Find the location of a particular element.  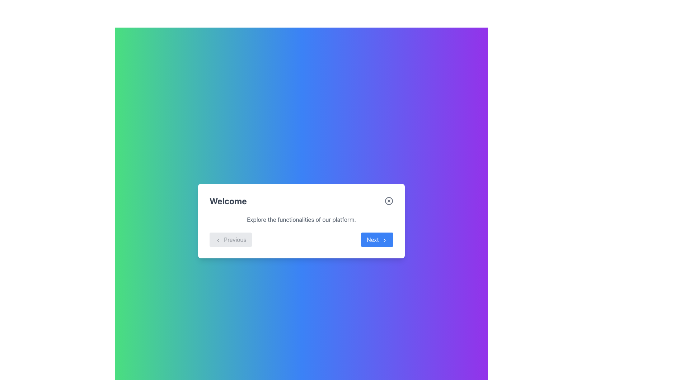

the informational text element located in the modal box beneath the title 'Welcome' and above the 'Previous' and 'Next' navigation buttons is located at coordinates (301, 219).